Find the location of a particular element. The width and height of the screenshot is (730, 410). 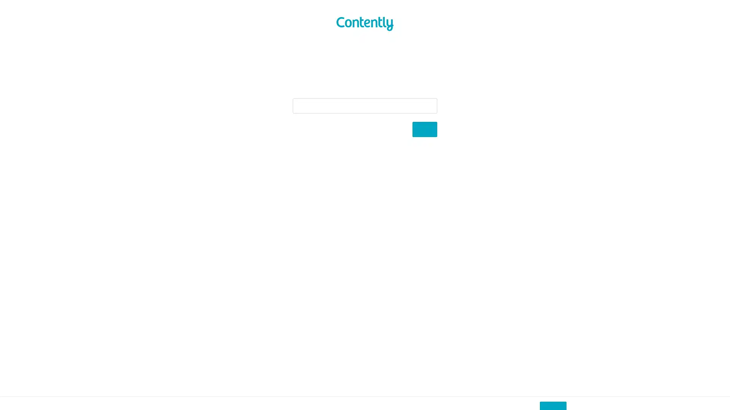

NEXT is located at coordinates (424, 129).